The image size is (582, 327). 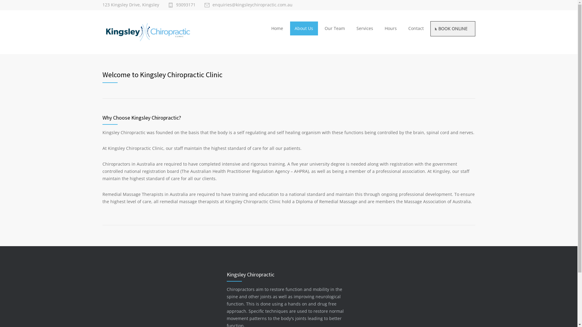 I want to click on 'Services', so click(x=352, y=28).